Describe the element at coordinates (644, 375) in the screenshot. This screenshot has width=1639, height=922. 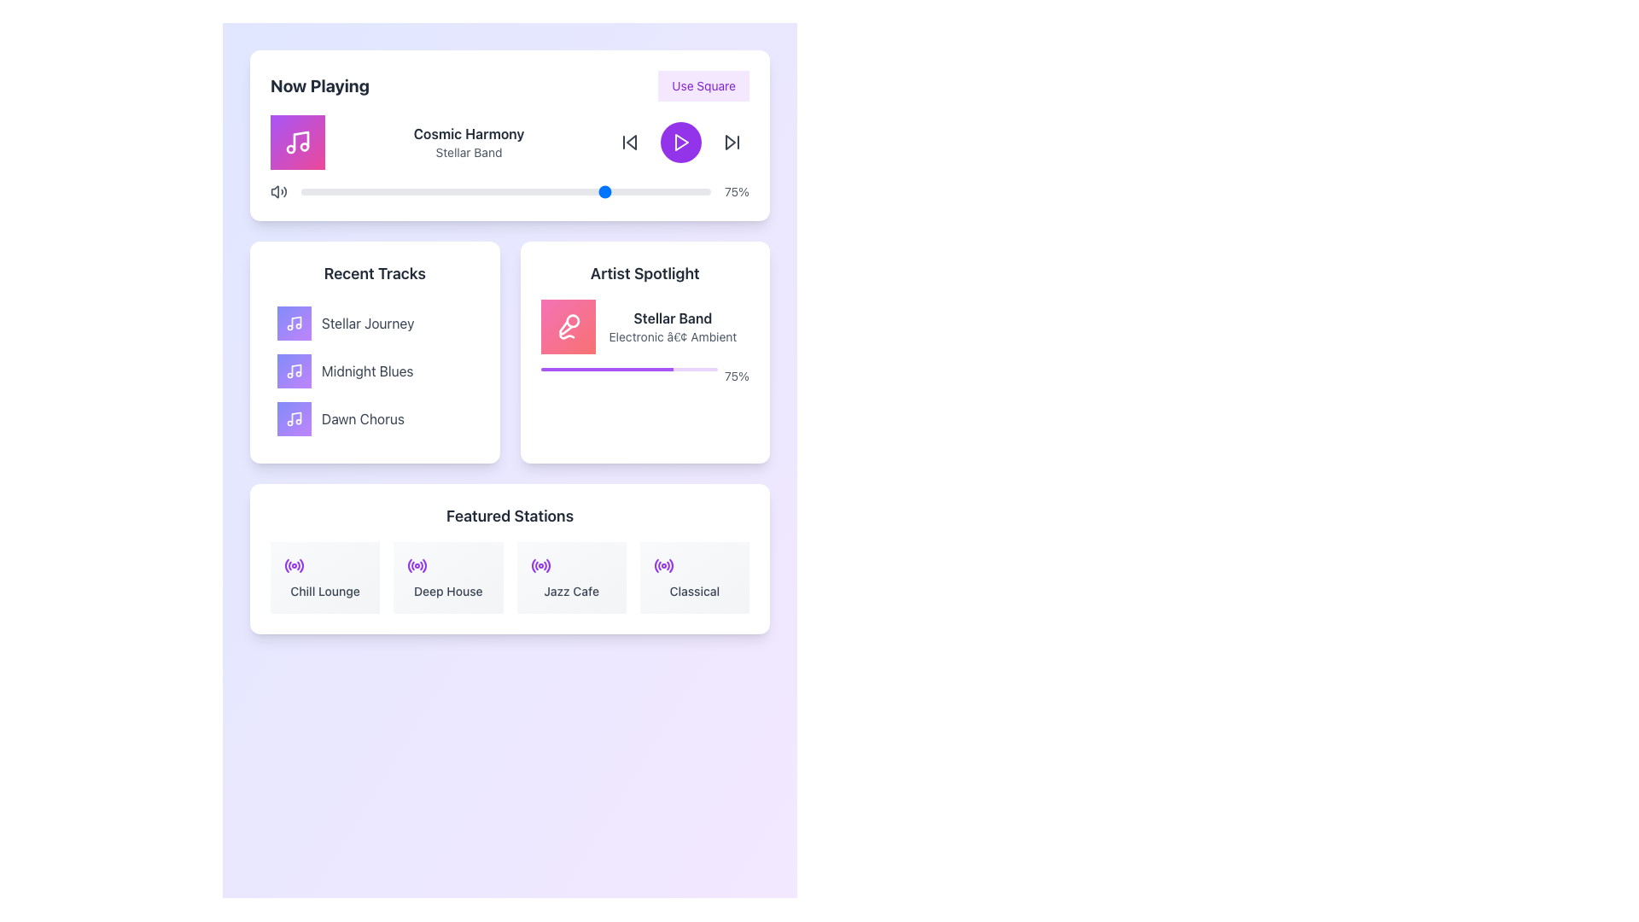
I see `the Progress bar indicating '75%' in the 'Artist Spotlight' section beneath 'Stellar Band' and 'Electronic Ambient'` at that location.